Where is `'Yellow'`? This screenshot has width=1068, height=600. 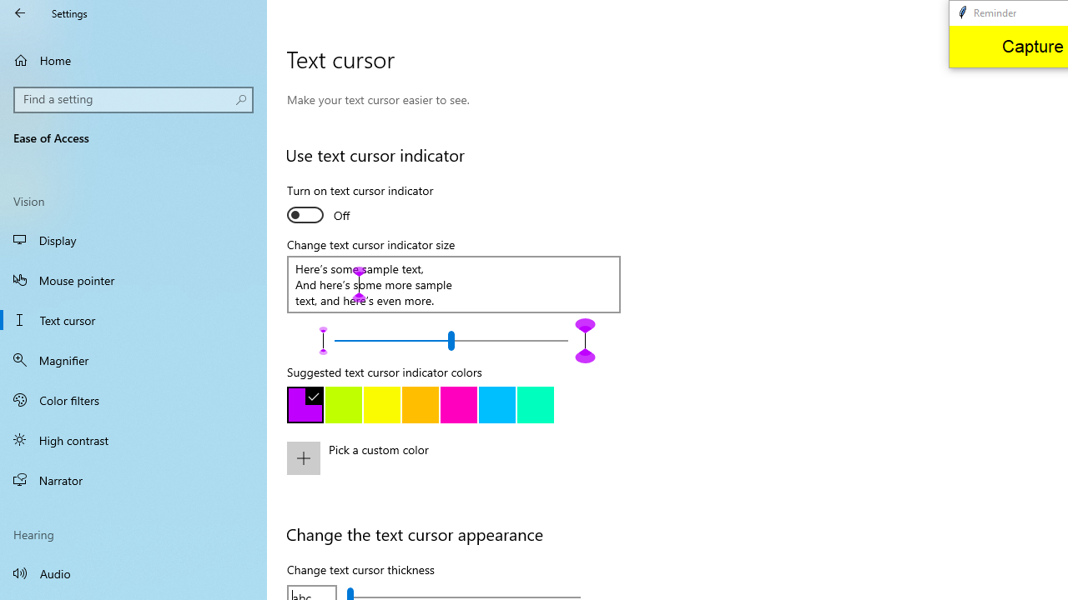
'Yellow' is located at coordinates (381, 405).